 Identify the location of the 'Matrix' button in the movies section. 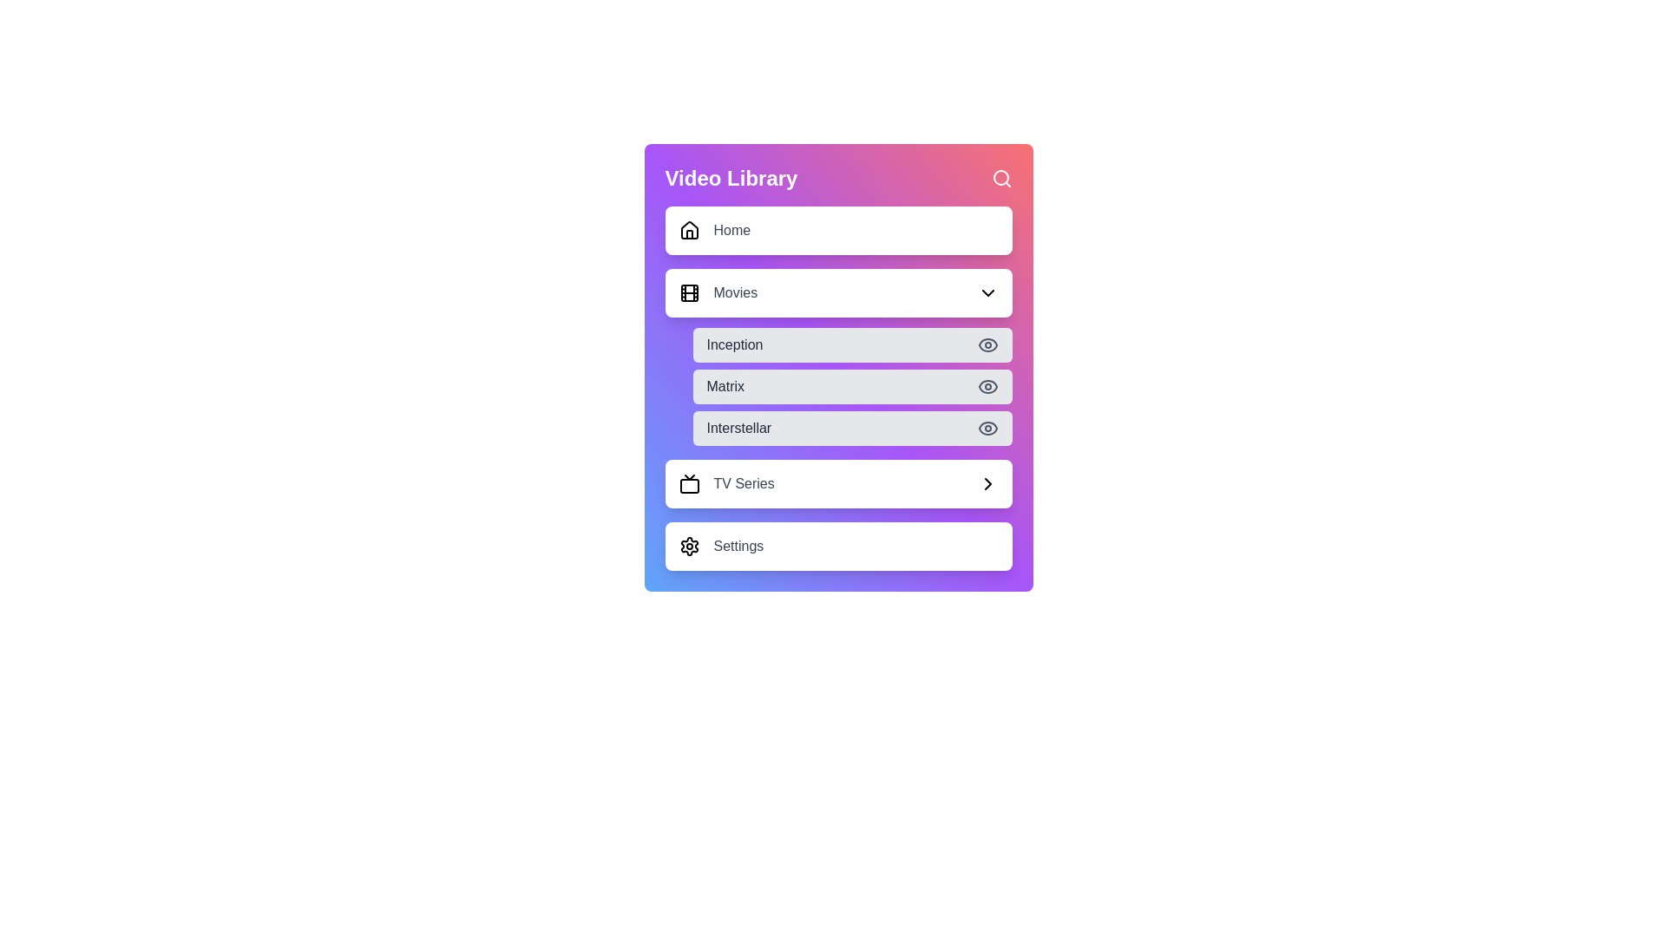
(852, 386).